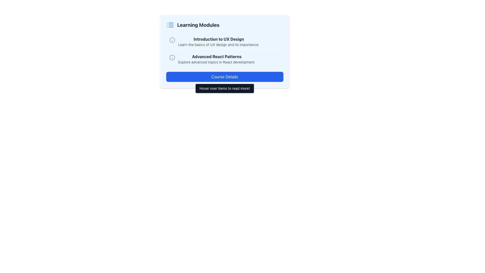 Image resolution: width=485 pixels, height=273 pixels. What do you see at coordinates (224, 77) in the screenshot?
I see `the blue button labeled 'Course Details'` at bounding box center [224, 77].